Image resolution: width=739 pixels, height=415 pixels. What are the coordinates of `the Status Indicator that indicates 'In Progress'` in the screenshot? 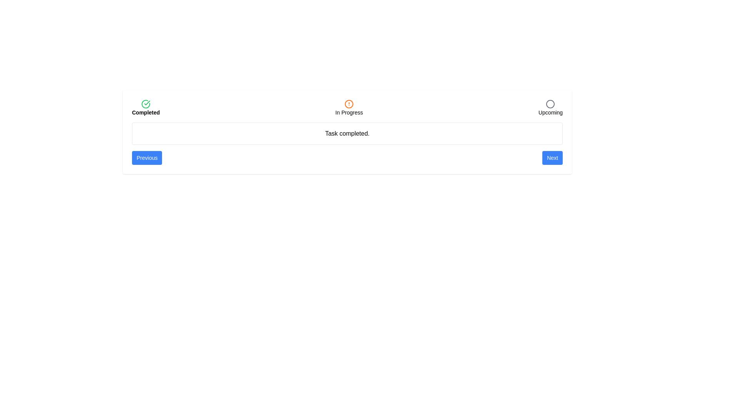 It's located at (349, 108).